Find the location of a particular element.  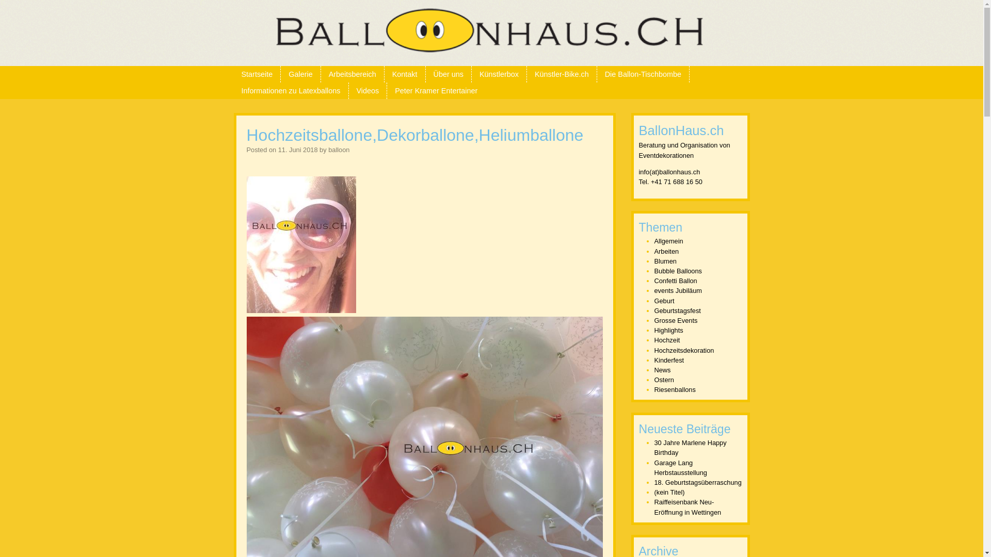

'Bubble Balloons' is located at coordinates (678, 270).